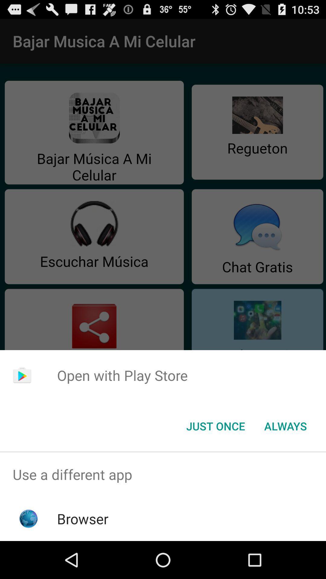 Image resolution: width=326 pixels, height=579 pixels. What do you see at coordinates (285, 426) in the screenshot?
I see `button to the right of the just once button` at bounding box center [285, 426].